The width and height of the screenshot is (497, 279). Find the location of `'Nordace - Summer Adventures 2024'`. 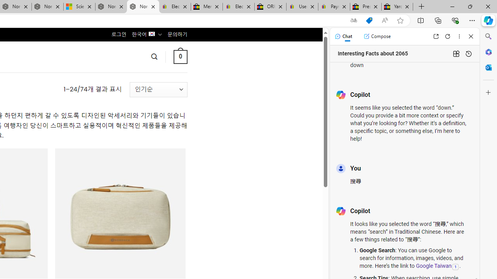

'Nordace - Summer Adventures 2024' is located at coordinates (111, 7).